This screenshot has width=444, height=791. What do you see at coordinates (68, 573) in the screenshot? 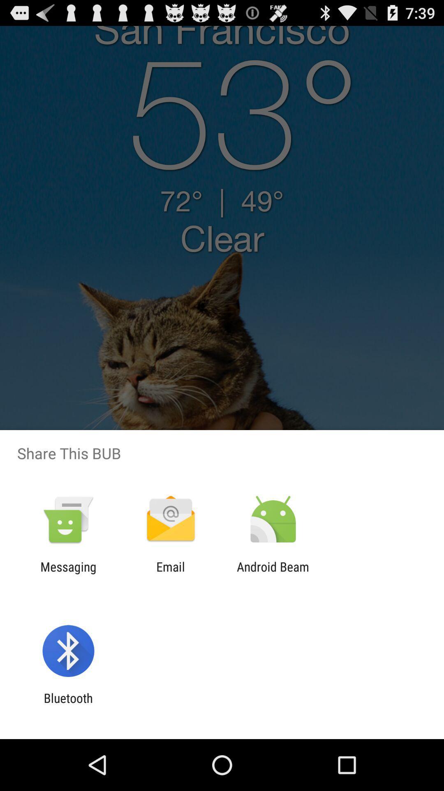
I see `icon next to the email item` at bounding box center [68, 573].